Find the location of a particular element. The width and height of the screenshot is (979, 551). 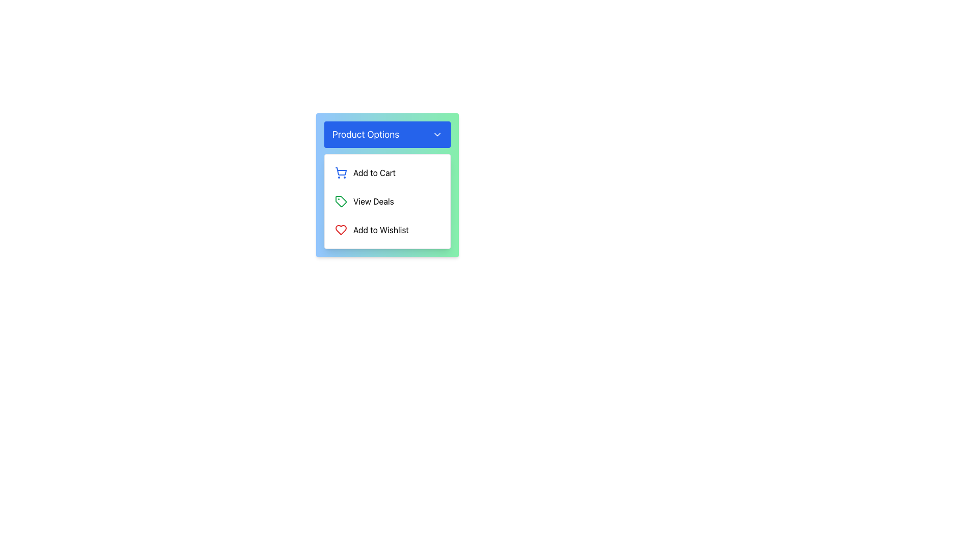

the 'Add to Cart' button located under the 'Product Options' header to trigger a background color change is located at coordinates (387, 172).